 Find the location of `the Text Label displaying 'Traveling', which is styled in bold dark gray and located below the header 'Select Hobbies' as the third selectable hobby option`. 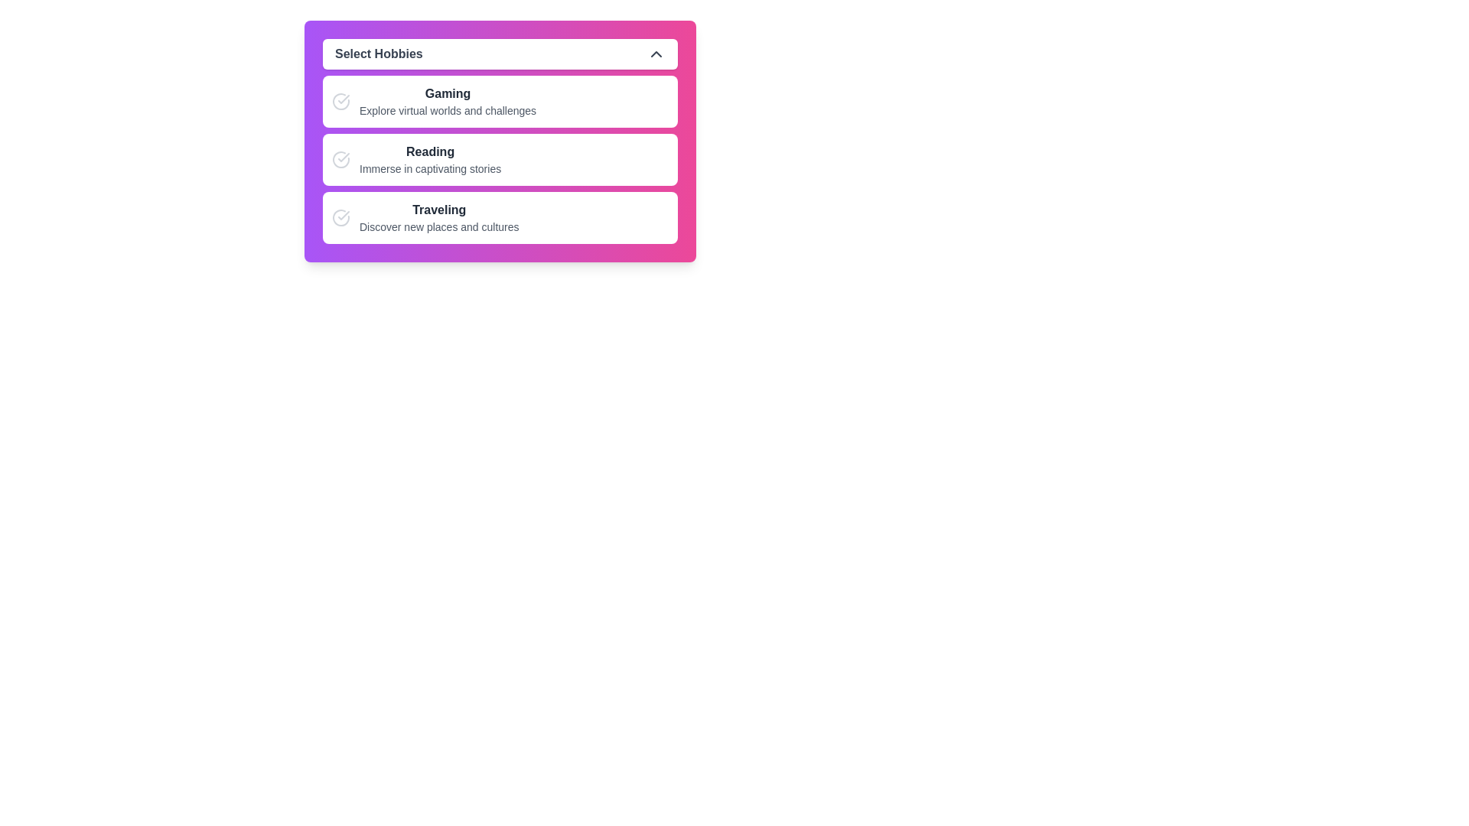

the Text Label displaying 'Traveling', which is styled in bold dark gray and located below the header 'Select Hobbies' as the third selectable hobby option is located at coordinates (438, 210).